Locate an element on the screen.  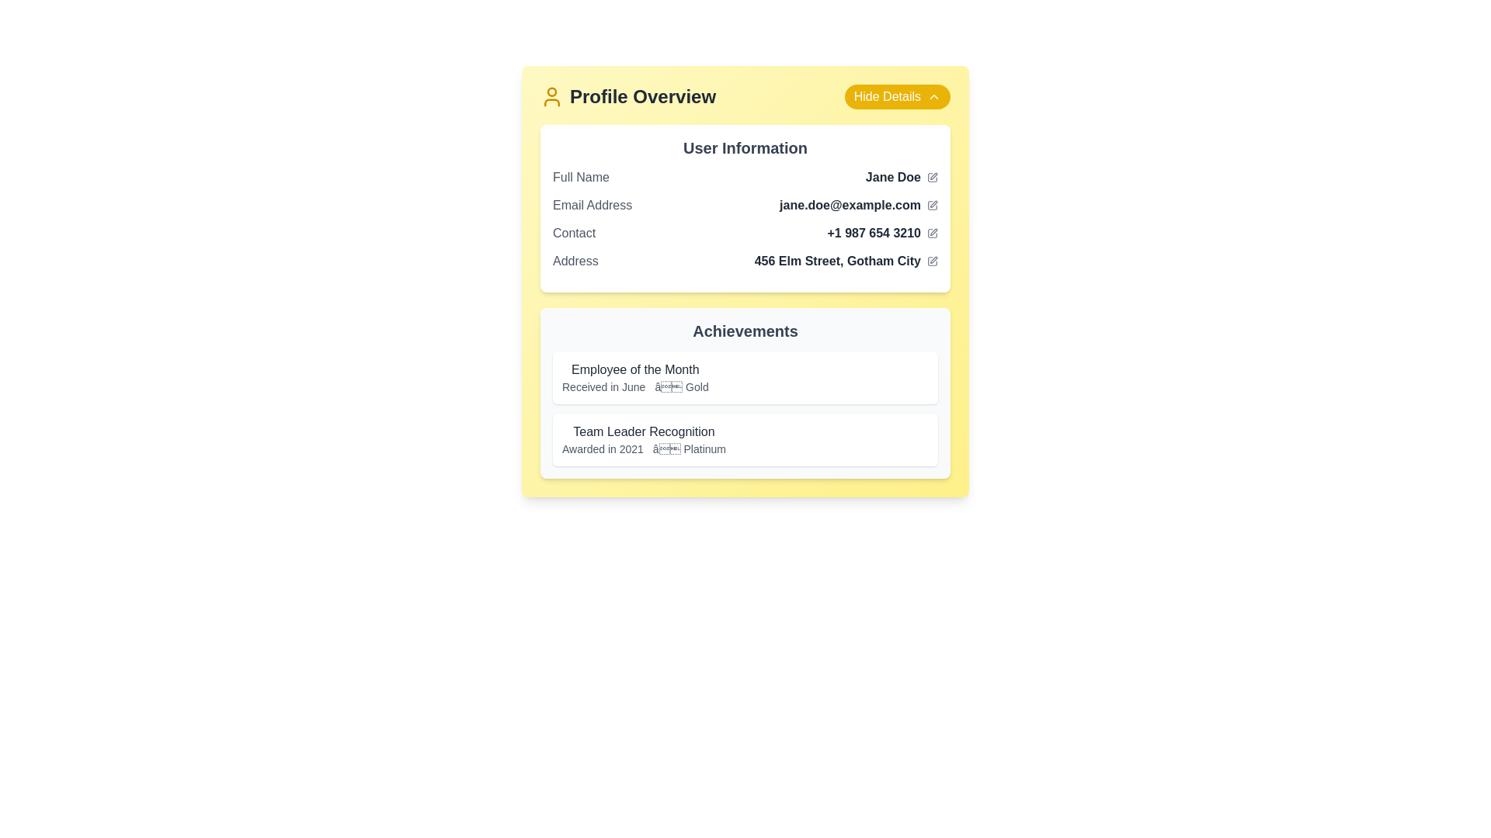
the 'Email Address' label, which displays the text in gray color and medium font weight, located in the user information section of the card layout is located at coordinates (592, 205).